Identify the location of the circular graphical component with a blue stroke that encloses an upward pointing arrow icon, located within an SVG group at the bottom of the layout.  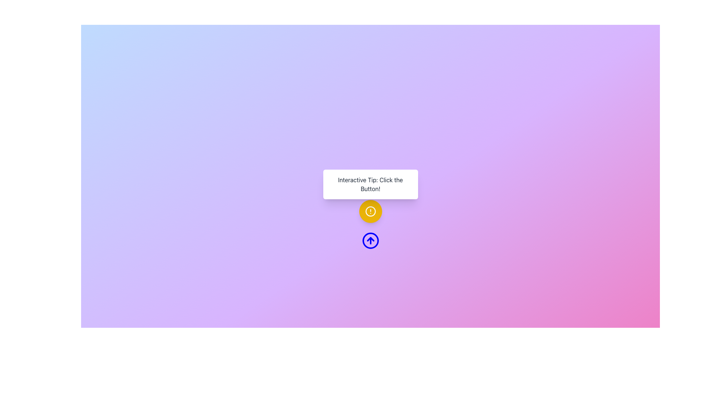
(370, 241).